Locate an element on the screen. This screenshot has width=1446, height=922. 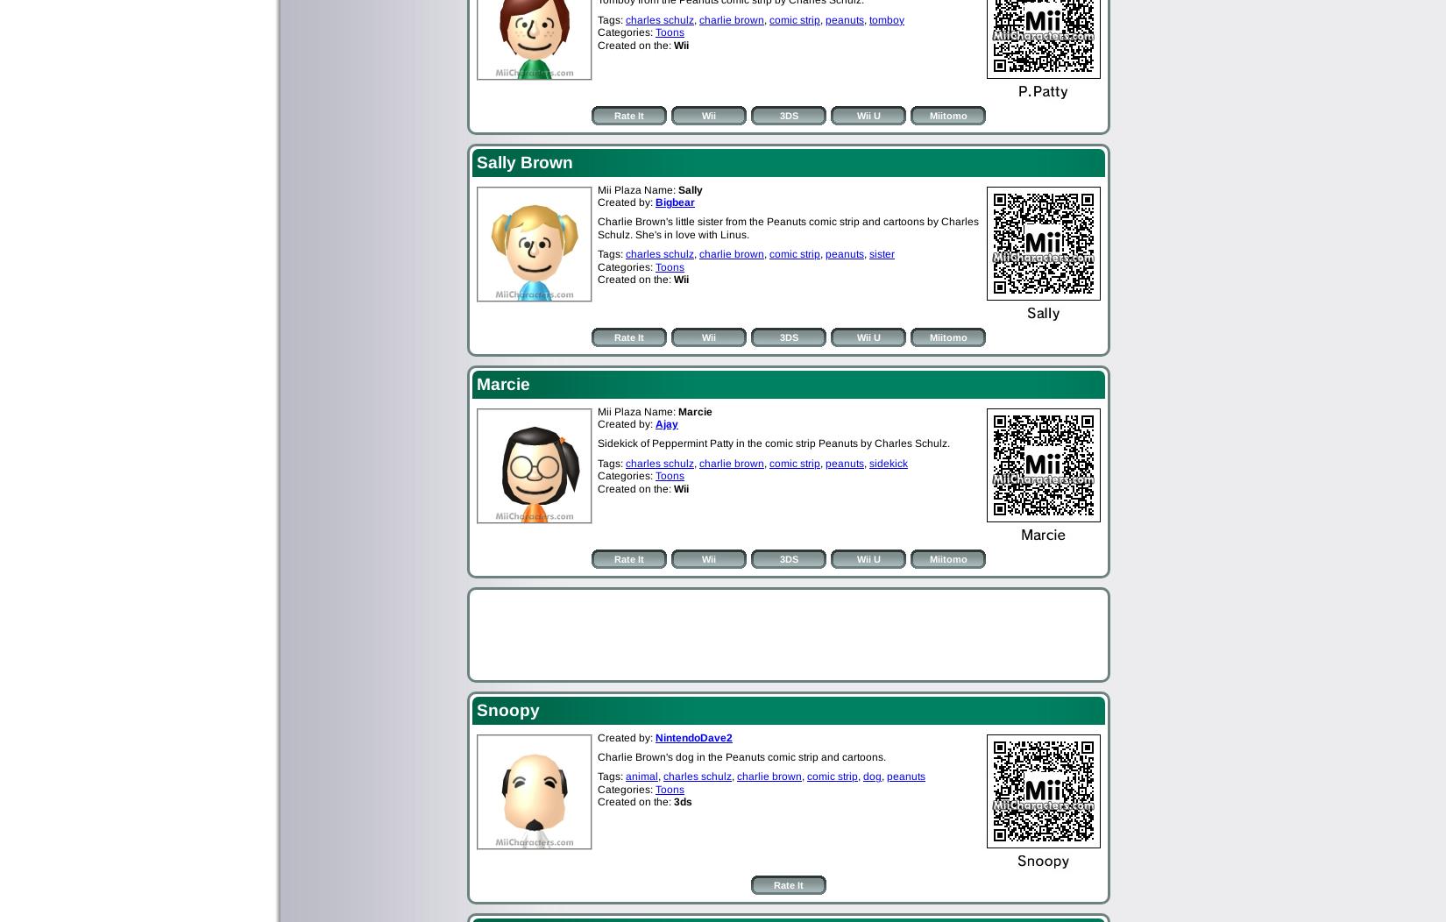
'Ajay' is located at coordinates (665, 422).